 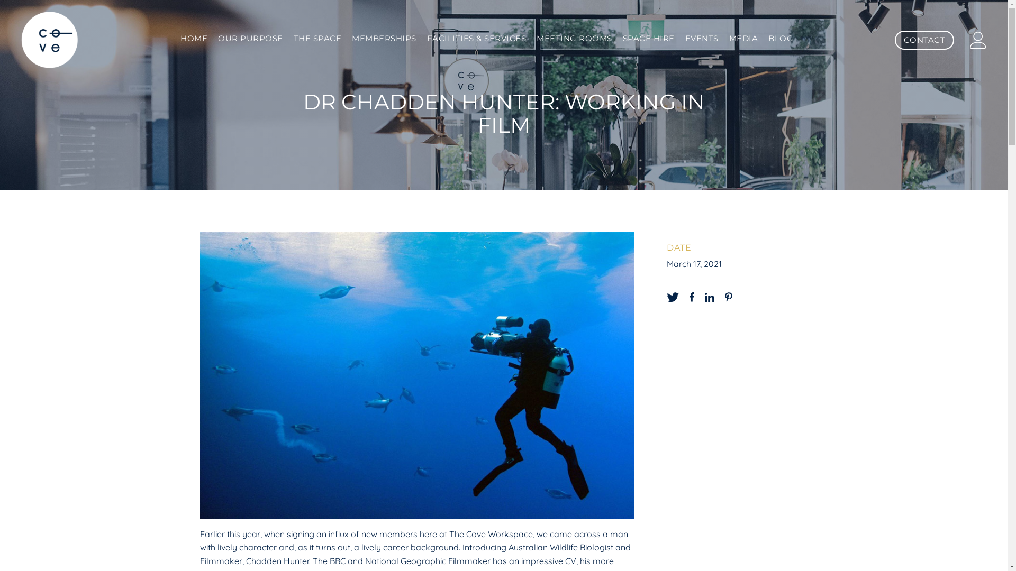 What do you see at coordinates (476, 38) in the screenshot?
I see `'FACILITIES & SERVICES'` at bounding box center [476, 38].